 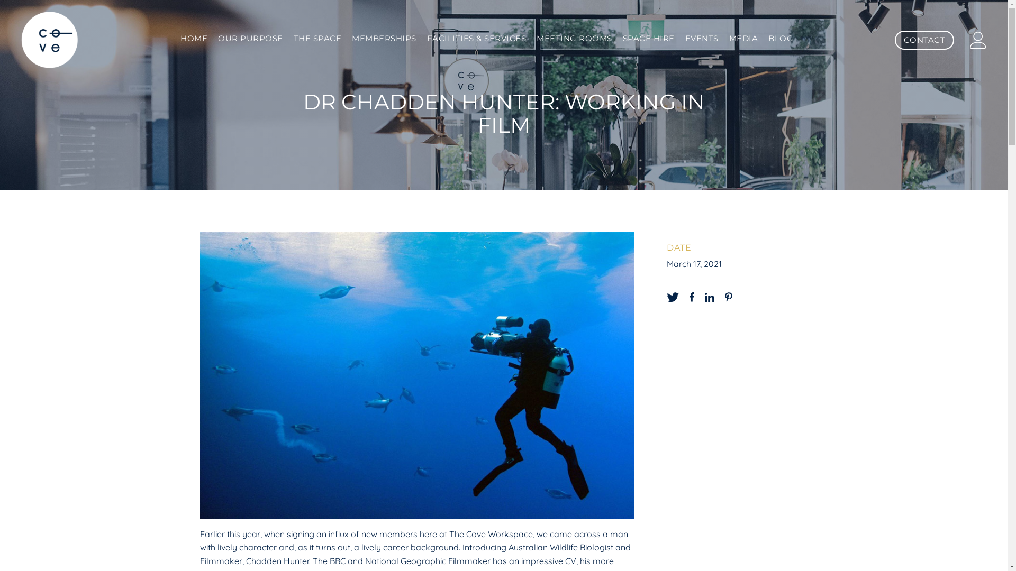 What do you see at coordinates (476, 38) in the screenshot?
I see `'FACILITIES & SERVICES'` at bounding box center [476, 38].